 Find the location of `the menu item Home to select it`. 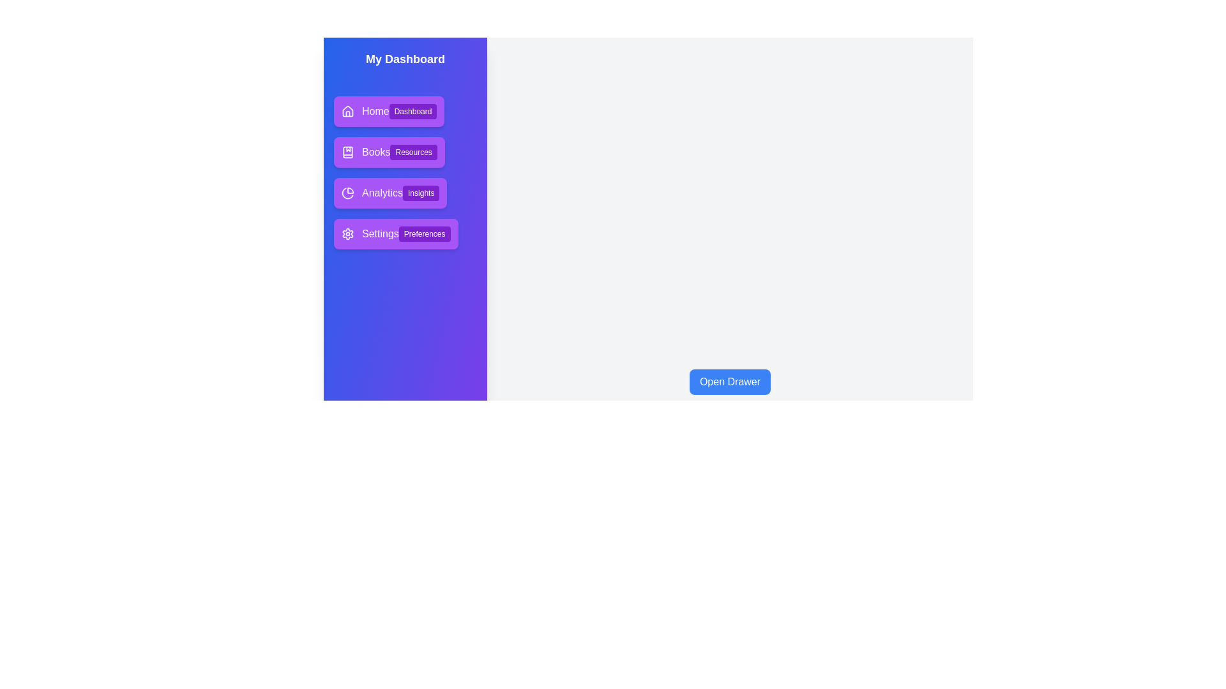

the menu item Home to select it is located at coordinates (388, 110).